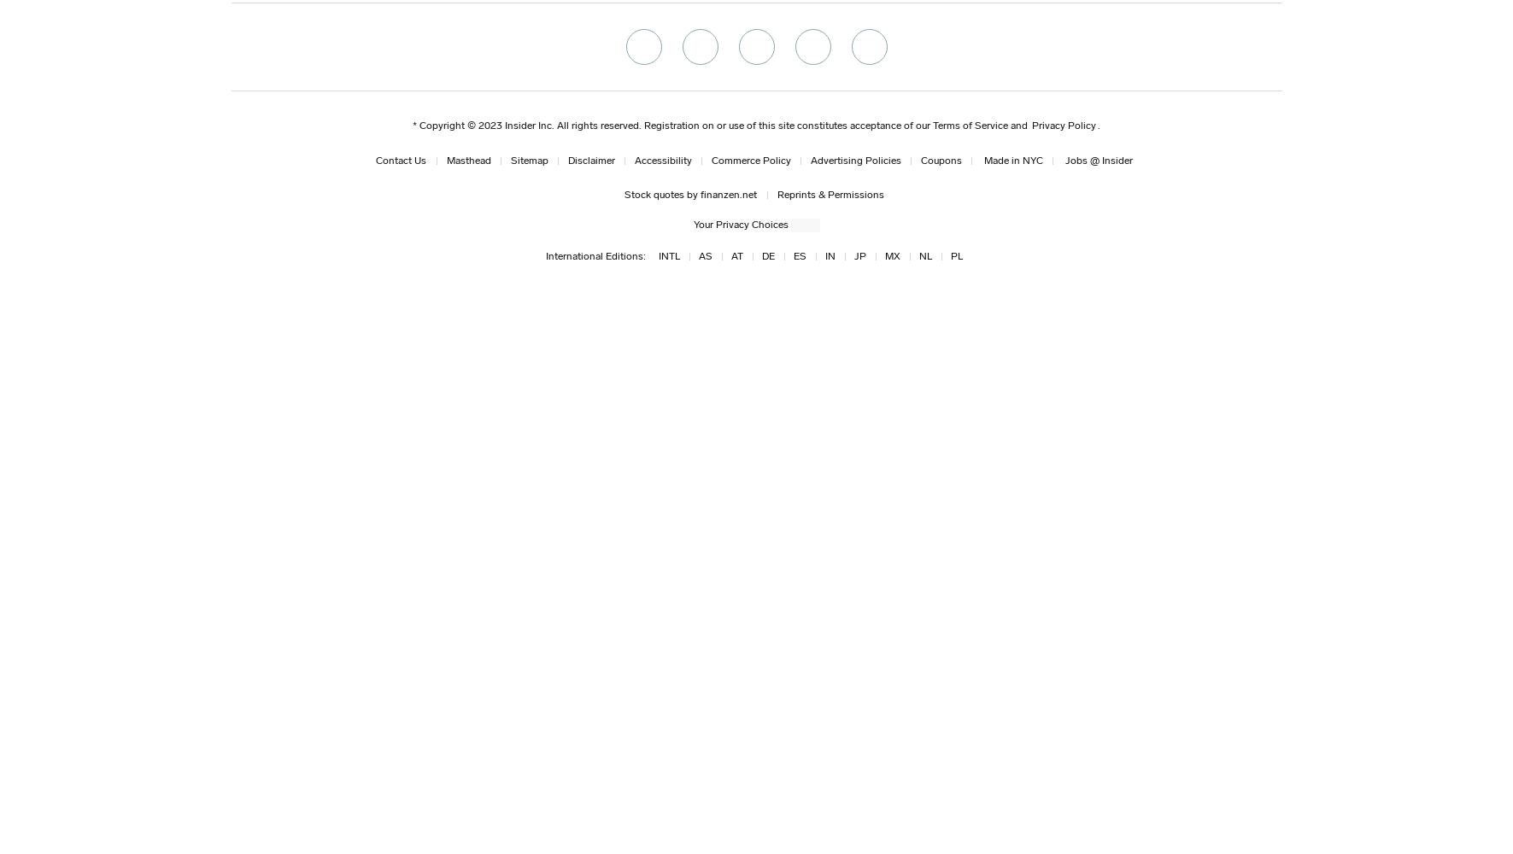 Image resolution: width=1513 pixels, height=854 pixels. I want to click on 'Steve Rogers:', so click(234, 301).